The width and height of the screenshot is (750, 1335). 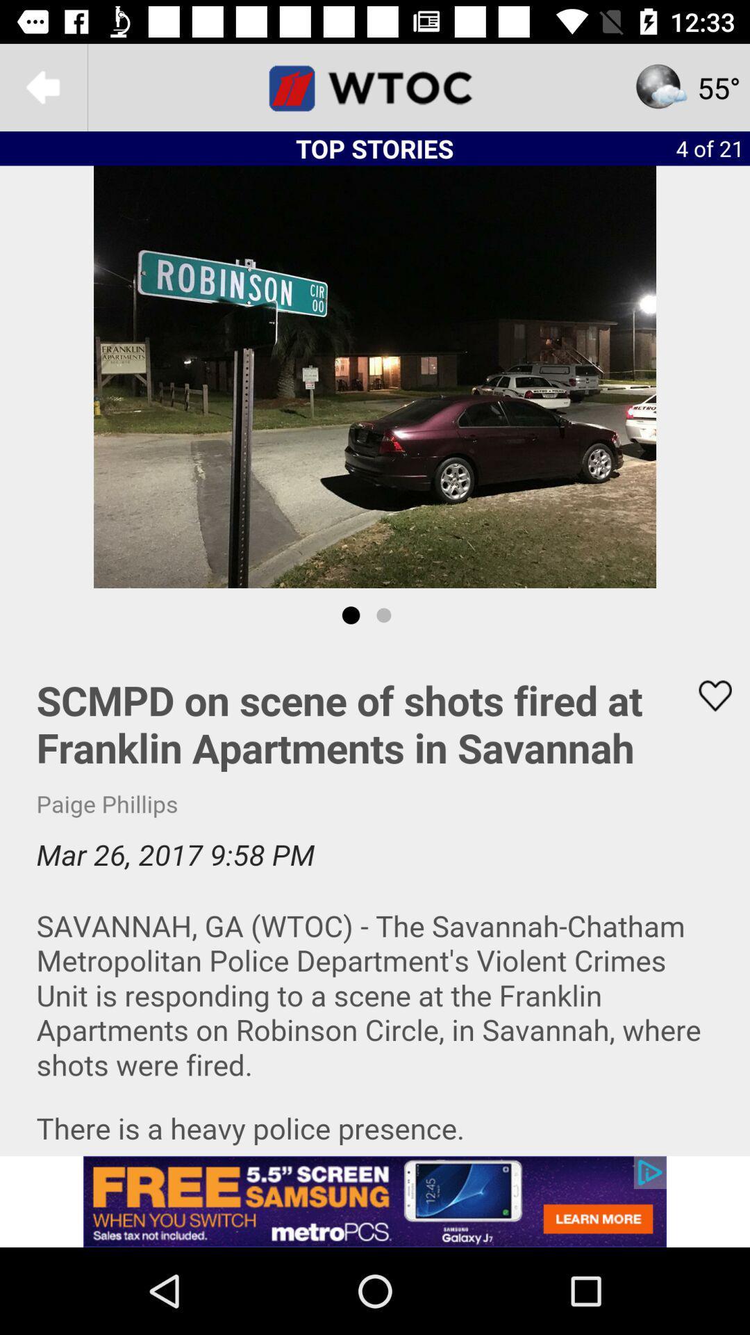 I want to click on back, so click(x=42, y=86).